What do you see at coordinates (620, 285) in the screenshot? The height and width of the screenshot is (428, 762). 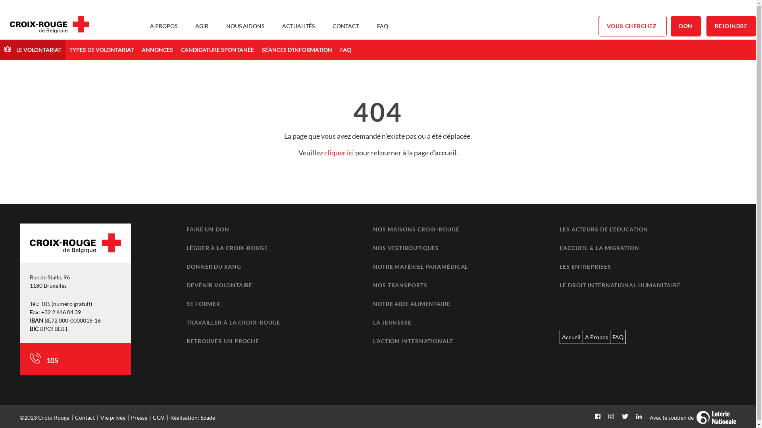 I see `'LE DROIT INTERNATIONAL HUMANITAIRE'` at bounding box center [620, 285].